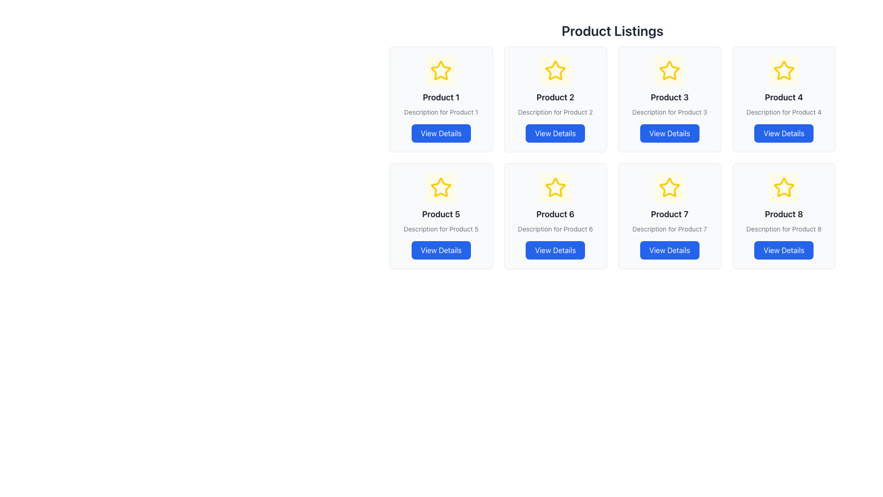  What do you see at coordinates (670, 250) in the screenshot?
I see `the button located below the 'Description for Product 7' text in the lower middle section of the 'Product 7' card to interact and view more details about the product` at bounding box center [670, 250].